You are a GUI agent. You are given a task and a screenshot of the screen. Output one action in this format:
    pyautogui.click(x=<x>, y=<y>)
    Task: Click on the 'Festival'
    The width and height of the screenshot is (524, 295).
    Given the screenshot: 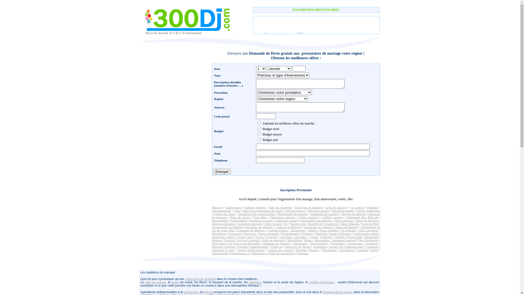 What is the action you would take?
    pyautogui.click(x=224, y=240)
    